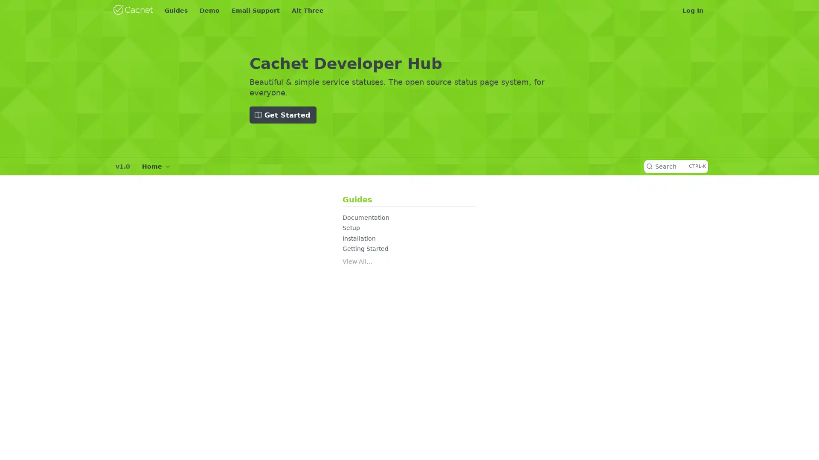 The image size is (819, 460). What do you see at coordinates (156, 166) in the screenshot?
I see `Home` at bounding box center [156, 166].